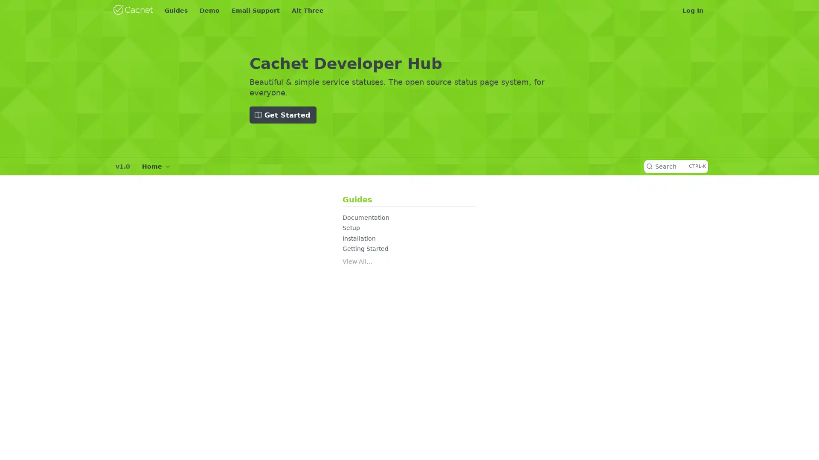 The image size is (819, 460). What do you see at coordinates (156, 166) in the screenshot?
I see `Home` at bounding box center [156, 166].